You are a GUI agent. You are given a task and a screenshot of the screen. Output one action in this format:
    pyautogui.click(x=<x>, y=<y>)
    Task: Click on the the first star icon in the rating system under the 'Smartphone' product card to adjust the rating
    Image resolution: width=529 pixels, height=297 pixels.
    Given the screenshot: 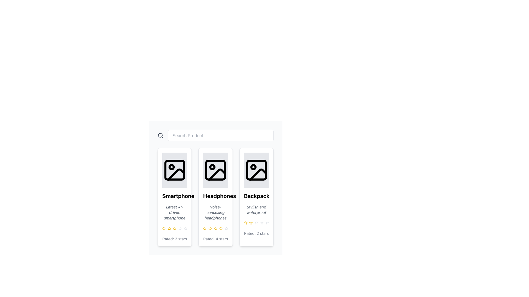 What is the action you would take?
    pyautogui.click(x=163, y=228)
    